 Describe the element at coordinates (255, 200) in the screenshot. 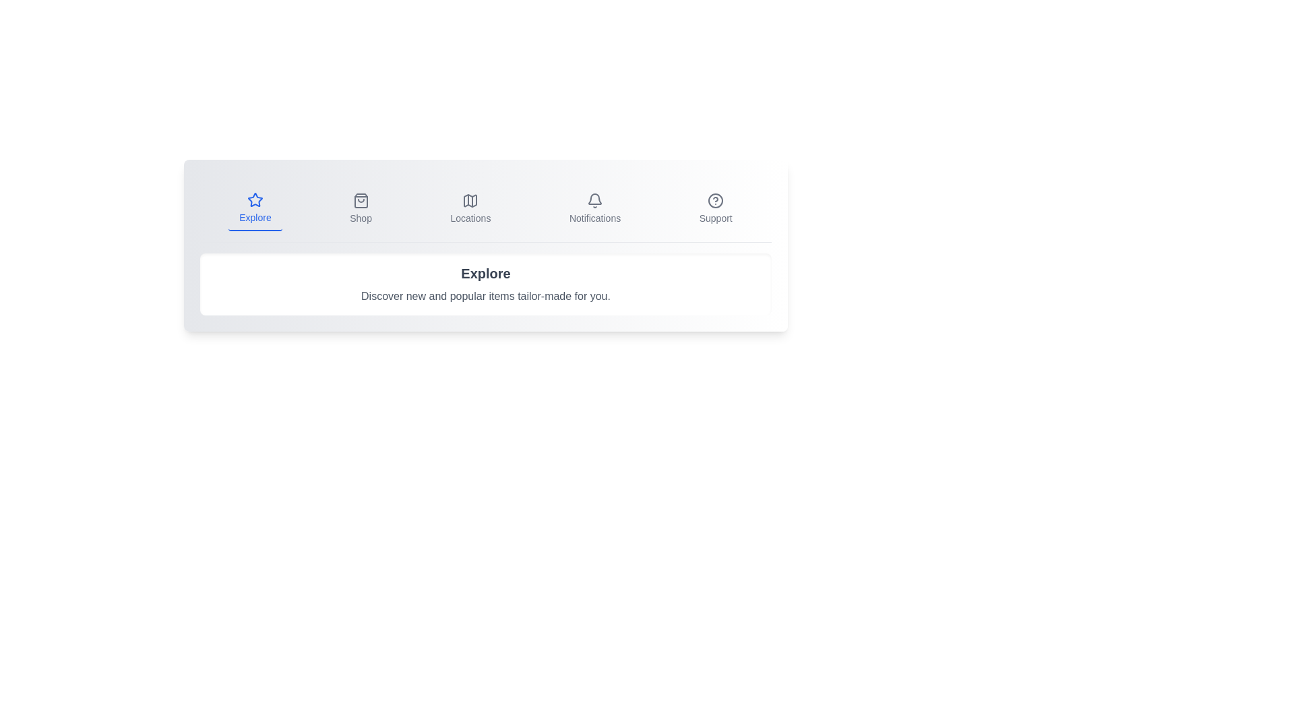

I see `the SVG star icon located at the top-center of the navigation menu` at that location.